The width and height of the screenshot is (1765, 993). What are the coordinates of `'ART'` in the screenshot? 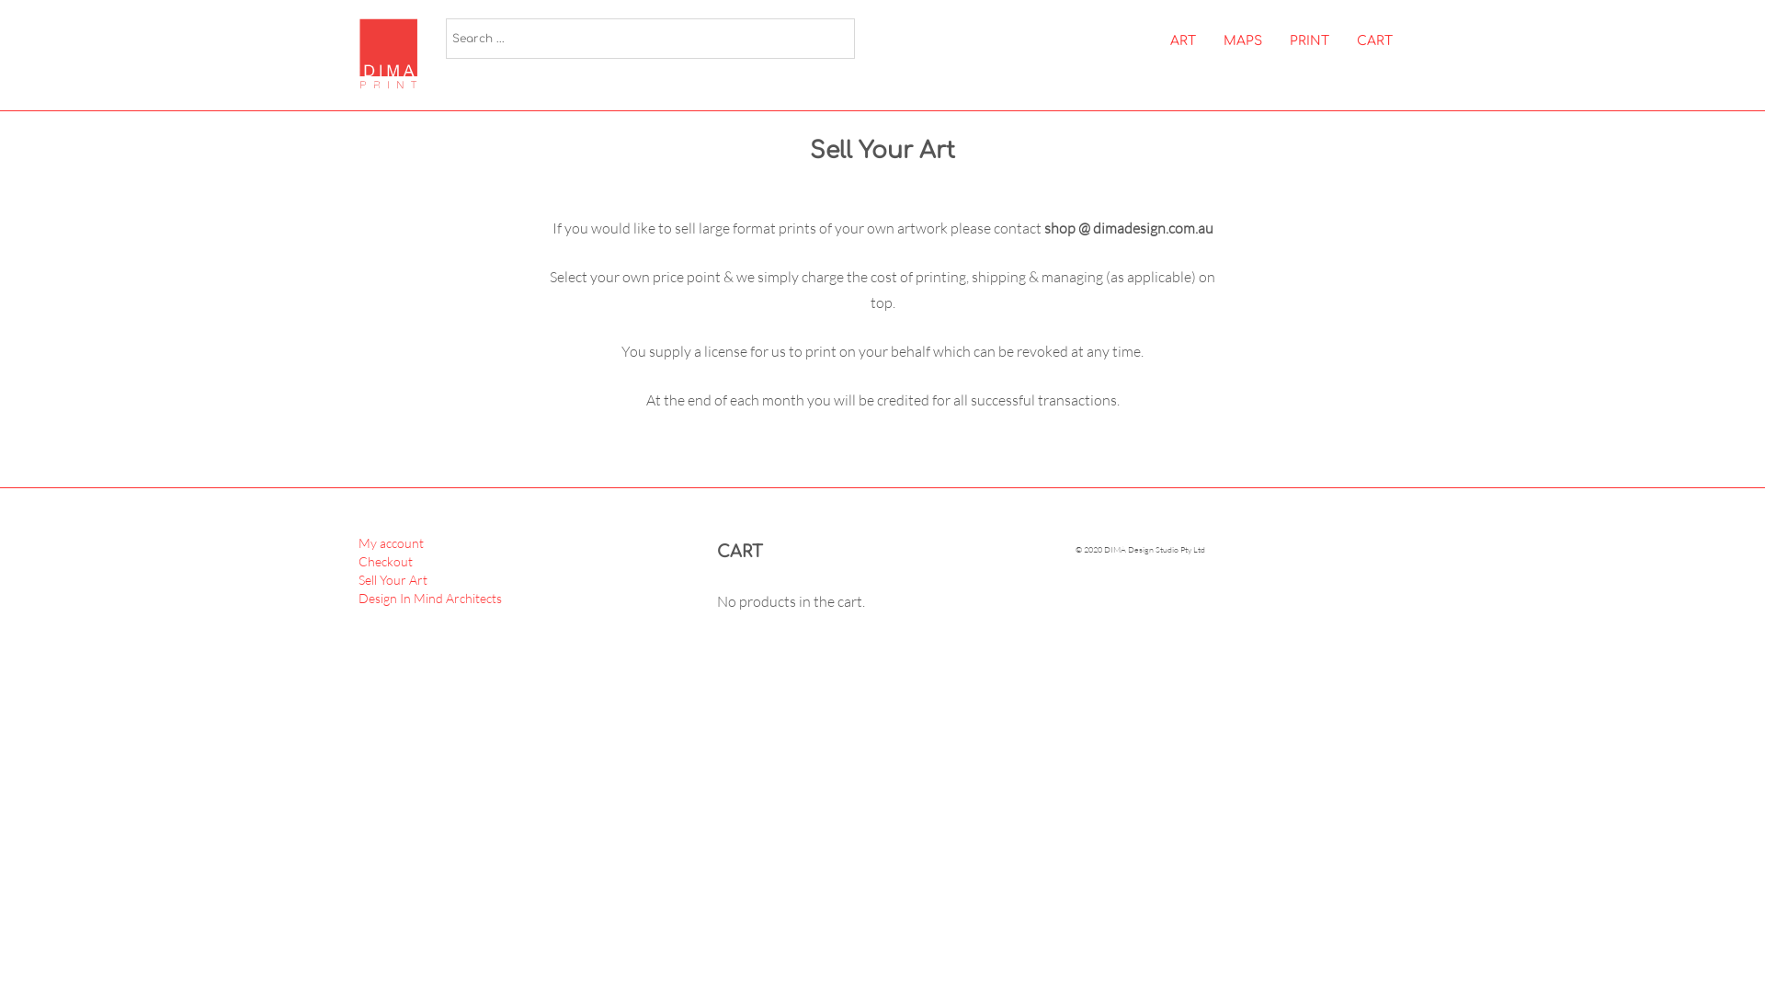 It's located at (1182, 41).